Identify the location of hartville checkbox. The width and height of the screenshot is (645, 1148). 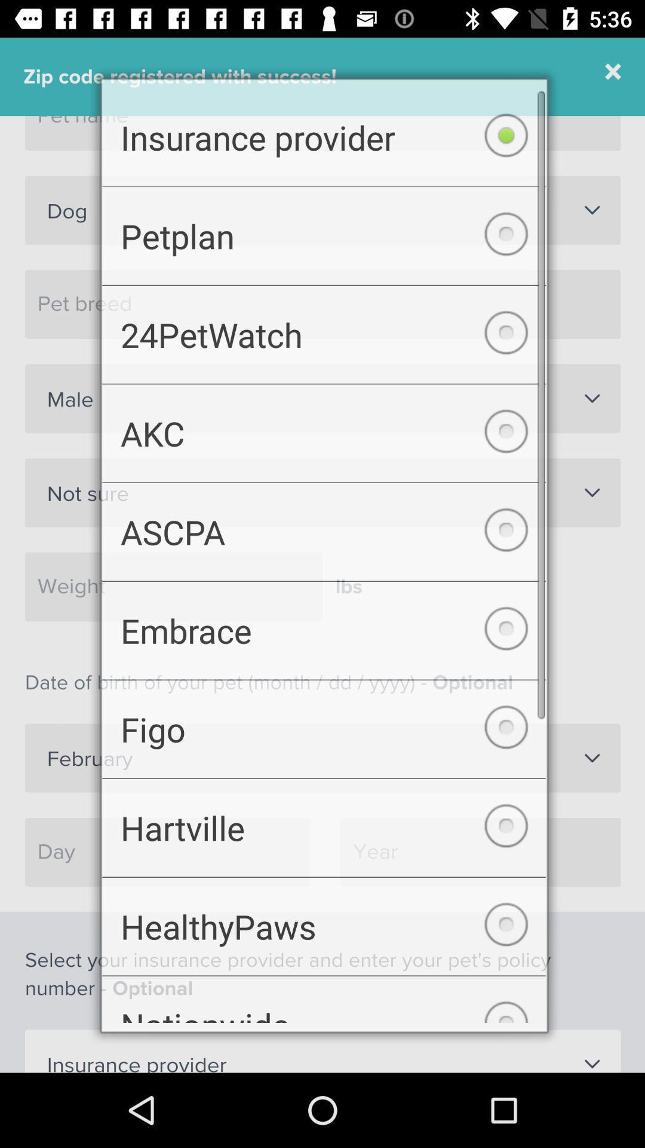
(324, 835).